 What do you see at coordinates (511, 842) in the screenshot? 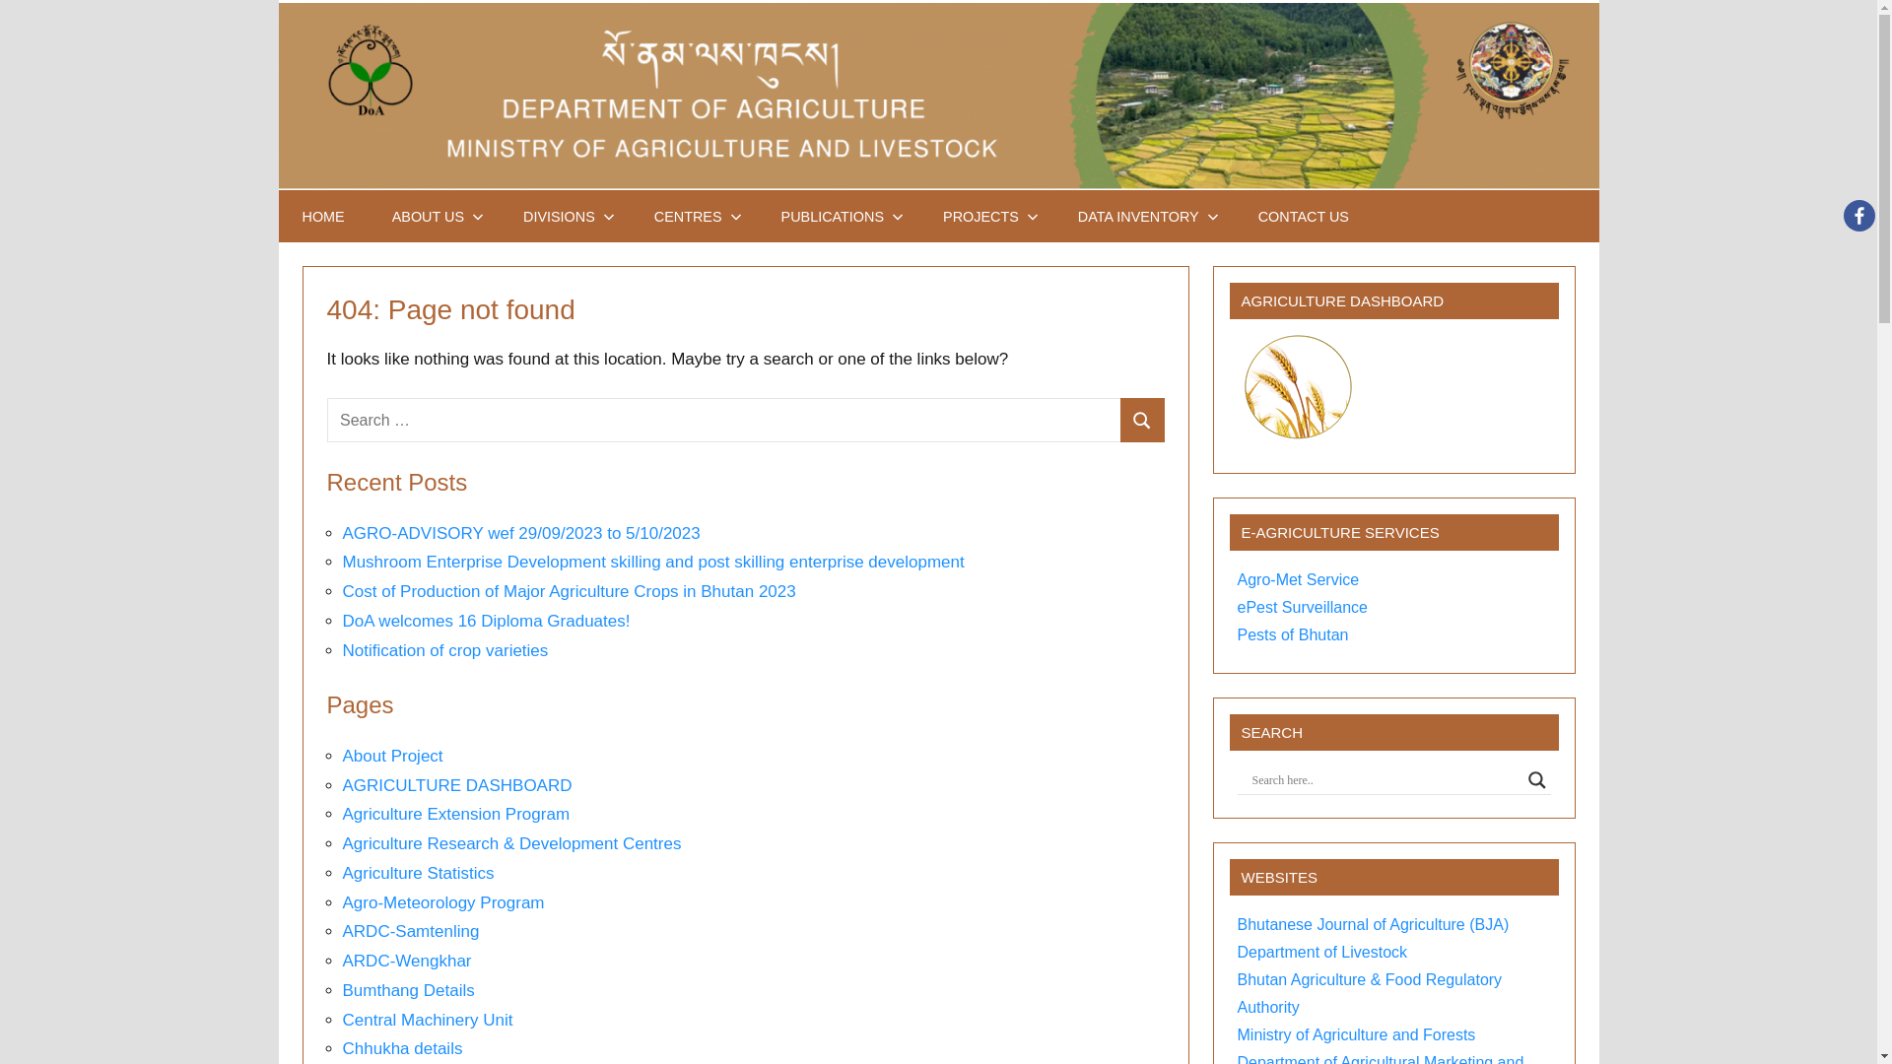
I see `'Agriculture Research & Development Centres'` at bounding box center [511, 842].